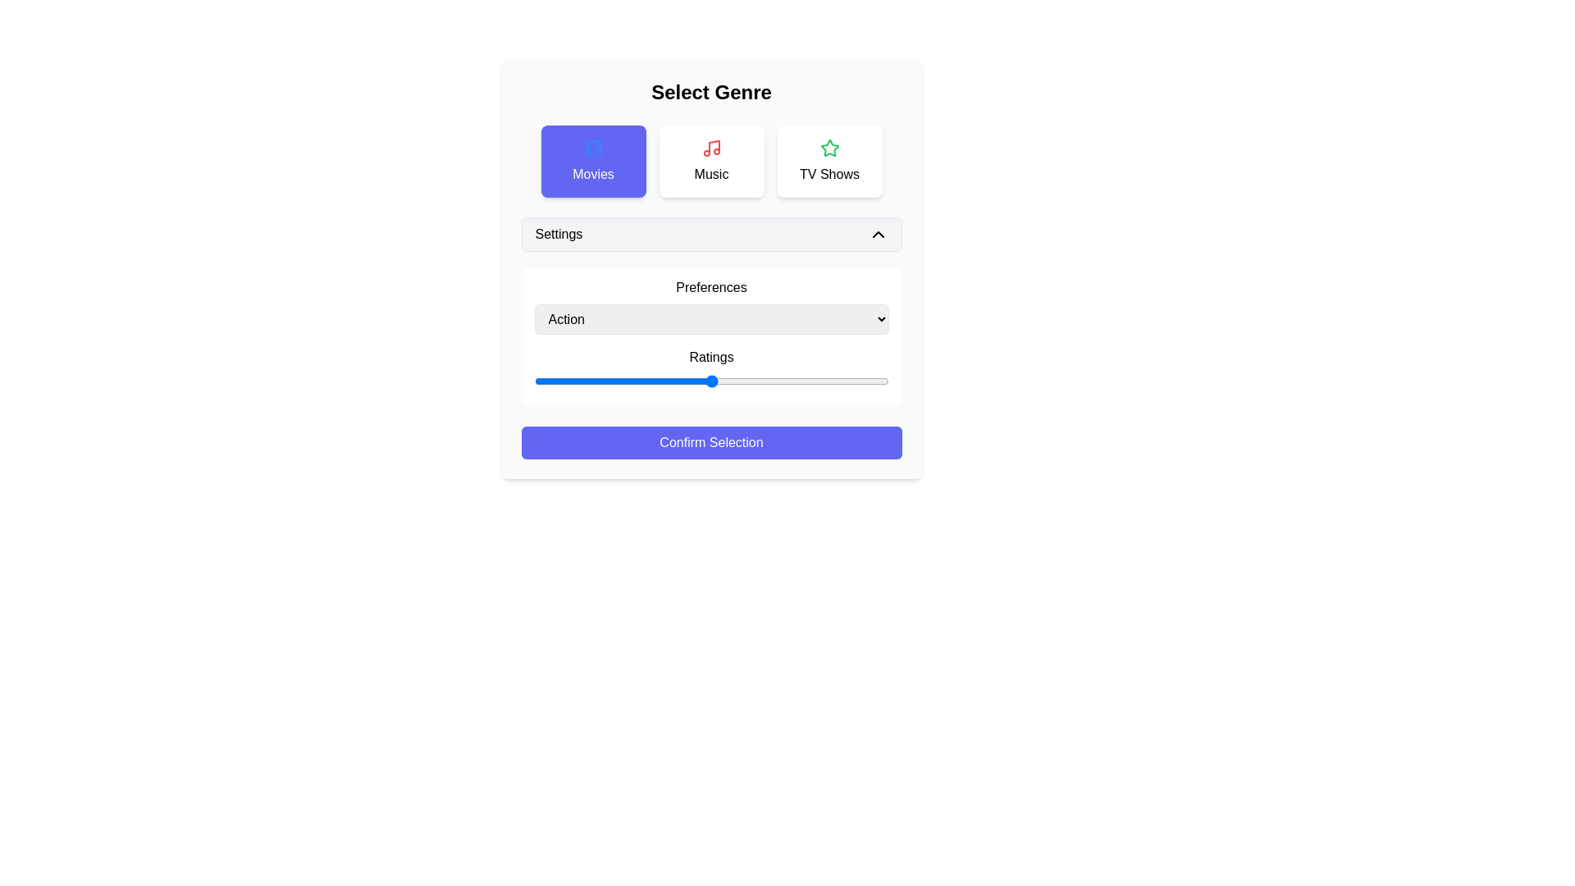 This screenshot has width=1575, height=886. What do you see at coordinates (835, 381) in the screenshot?
I see `the rating` at bounding box center [835, 381].